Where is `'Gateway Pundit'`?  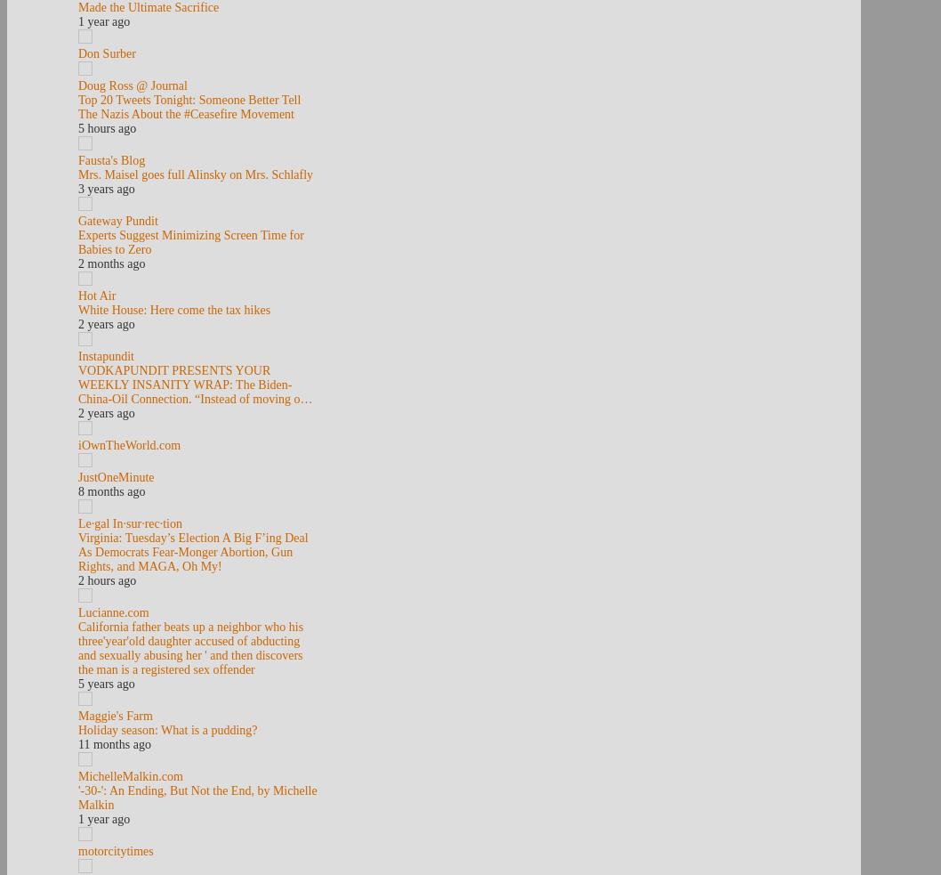 'Gateway Pundit' is located at coordinates (117, 221).